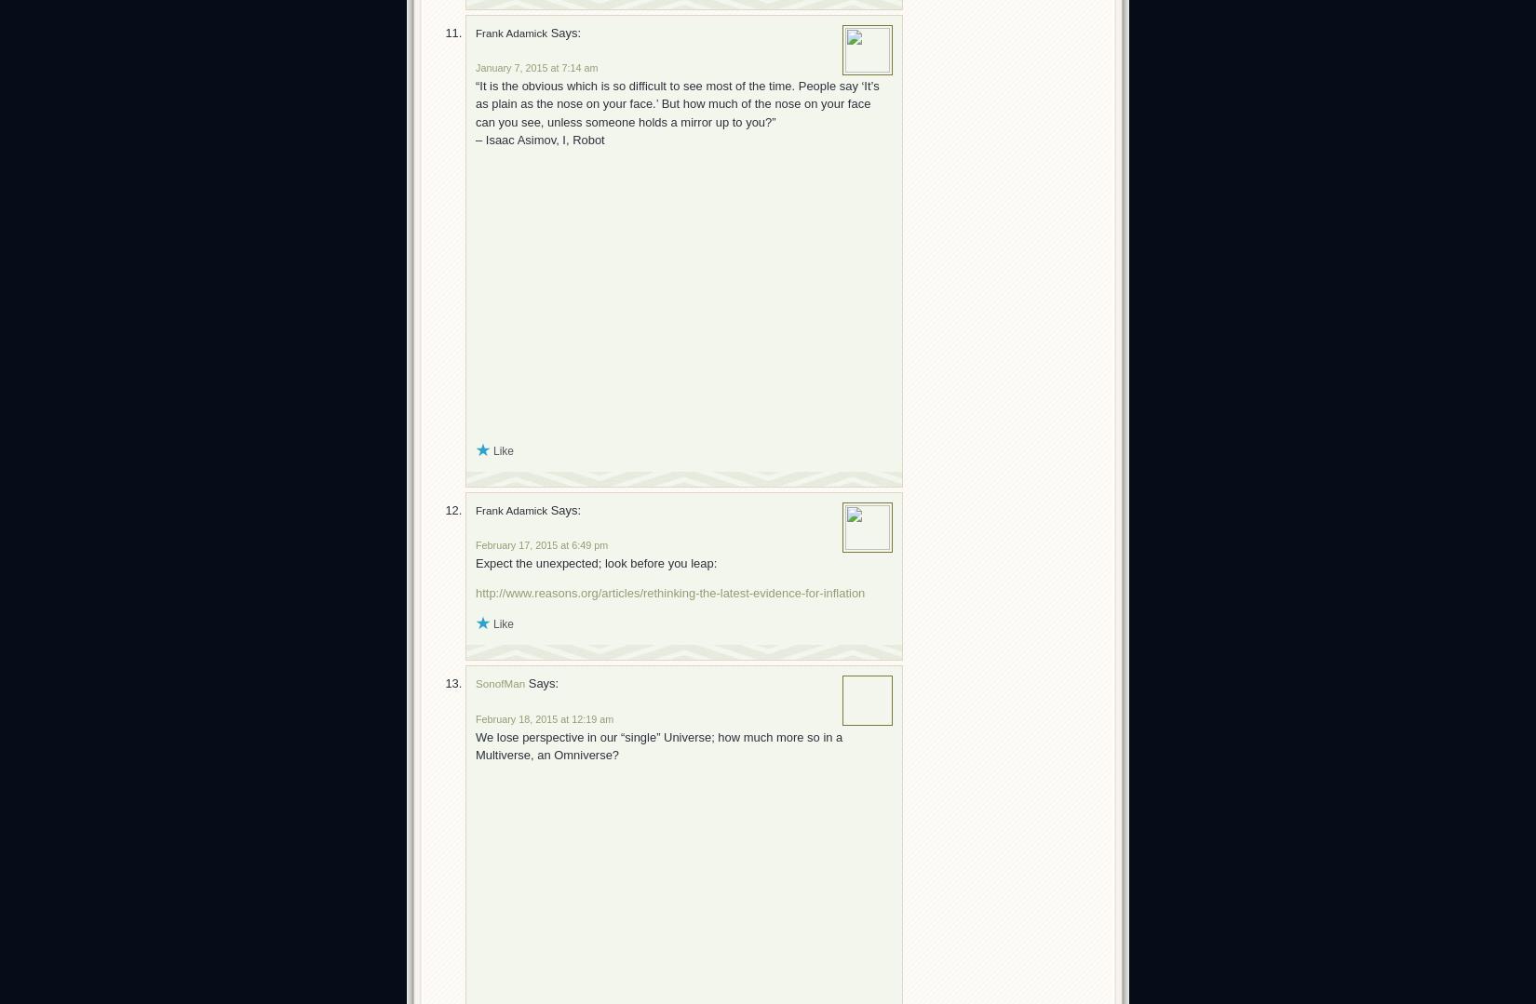  Describe the element at coordinates (499, 682) in the screenshot. I see `'SonofMan'` at that location.